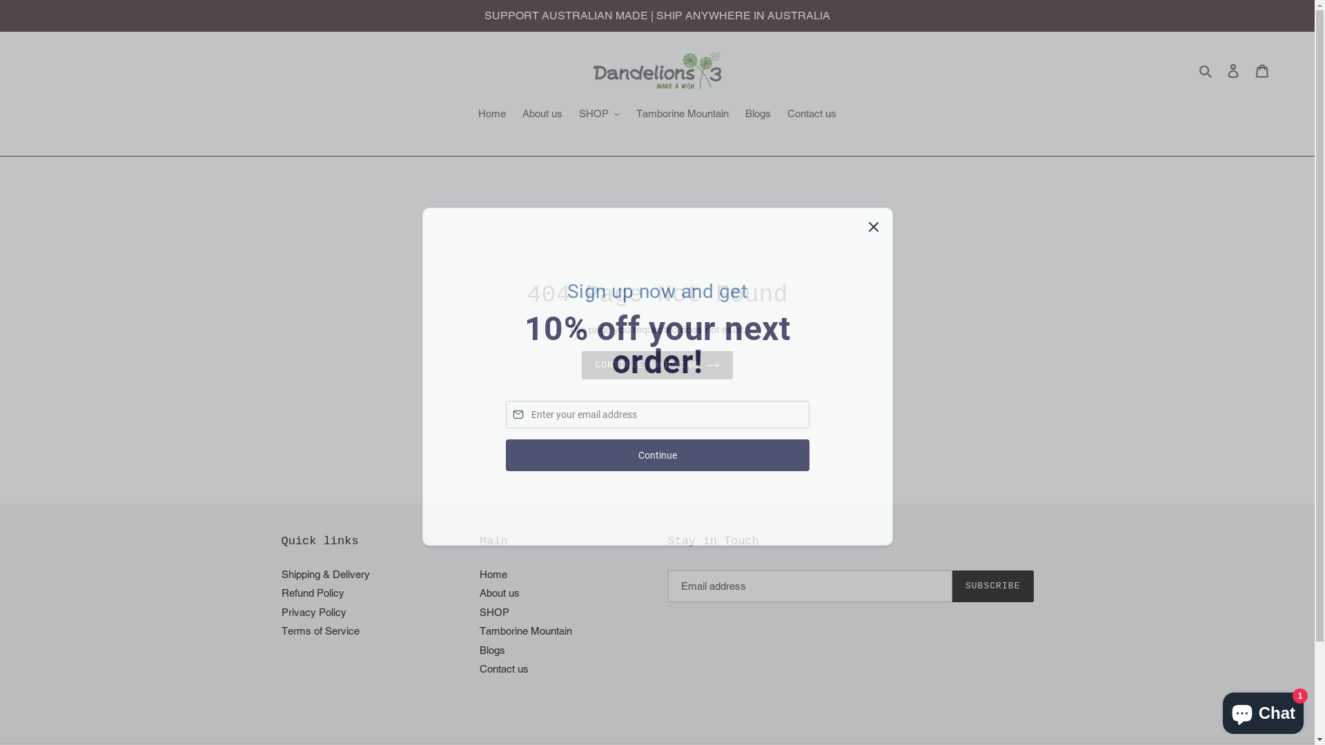 This screenshot has width=1325, height=745. I want to click on 'Shipping & Delivery', so click(324, 574).